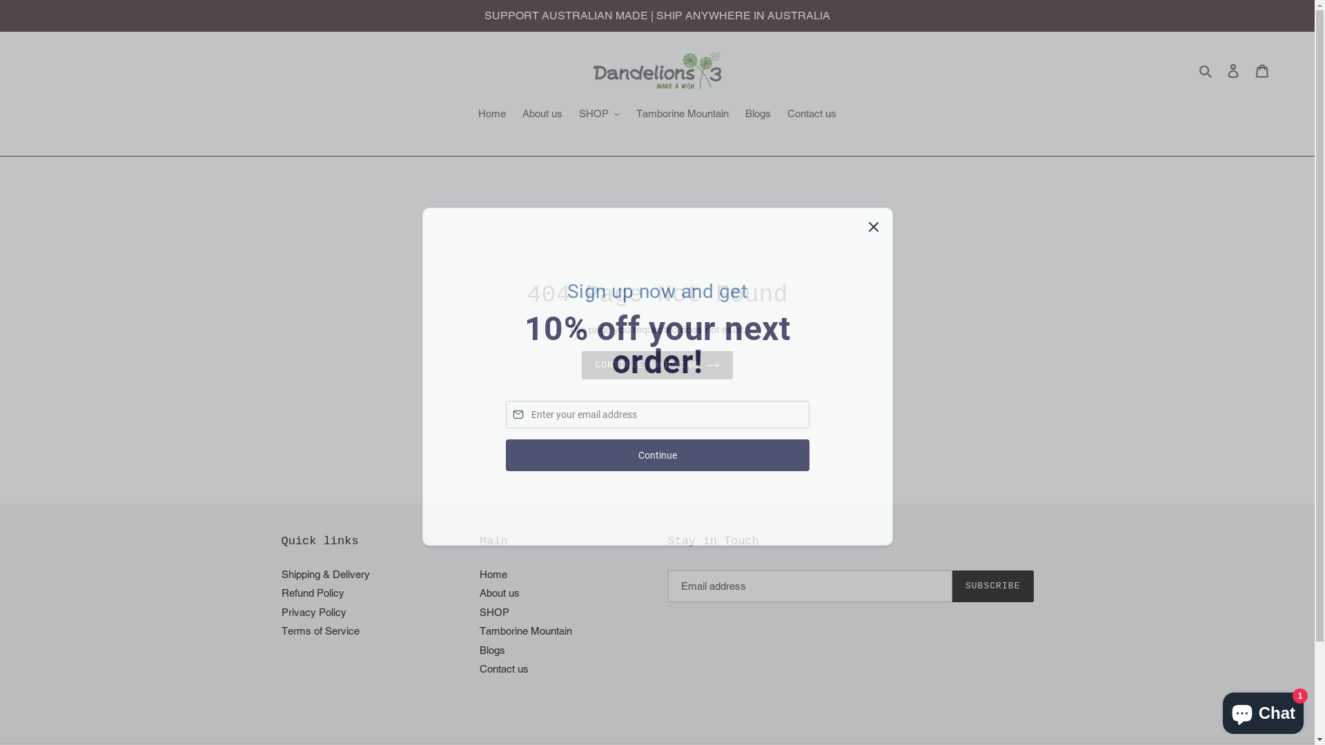 This screenshot has width=1325, height=745. I want to click on 'Shipping & Delivery', so click(324, 574).